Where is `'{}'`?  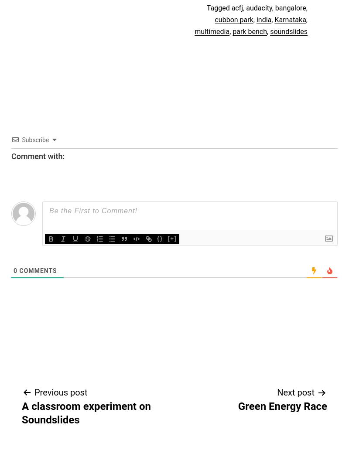 '{}' is located at coordinates (160, 238).